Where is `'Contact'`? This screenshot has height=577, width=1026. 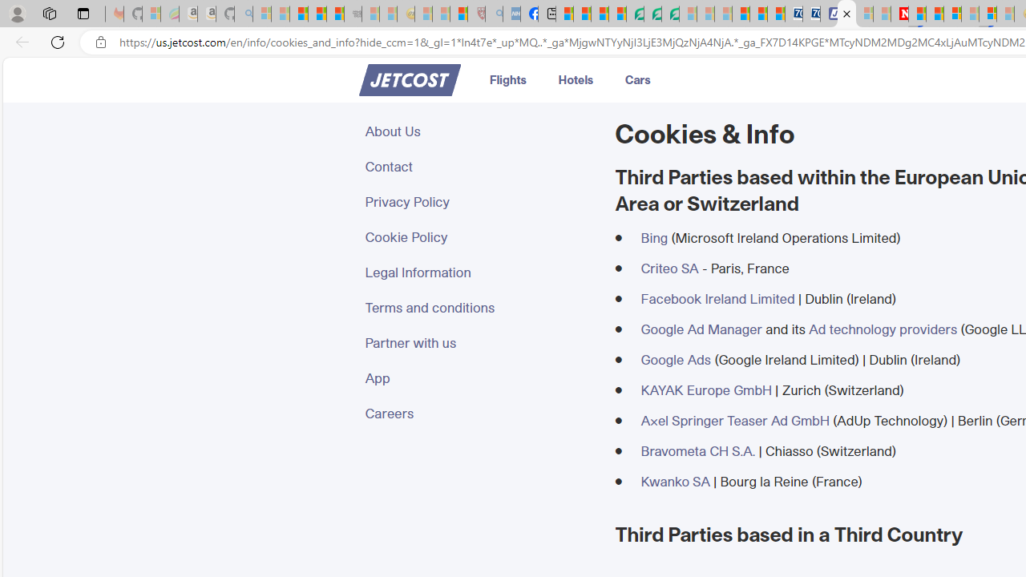 'Contact' is located at coordinates (479, 167).